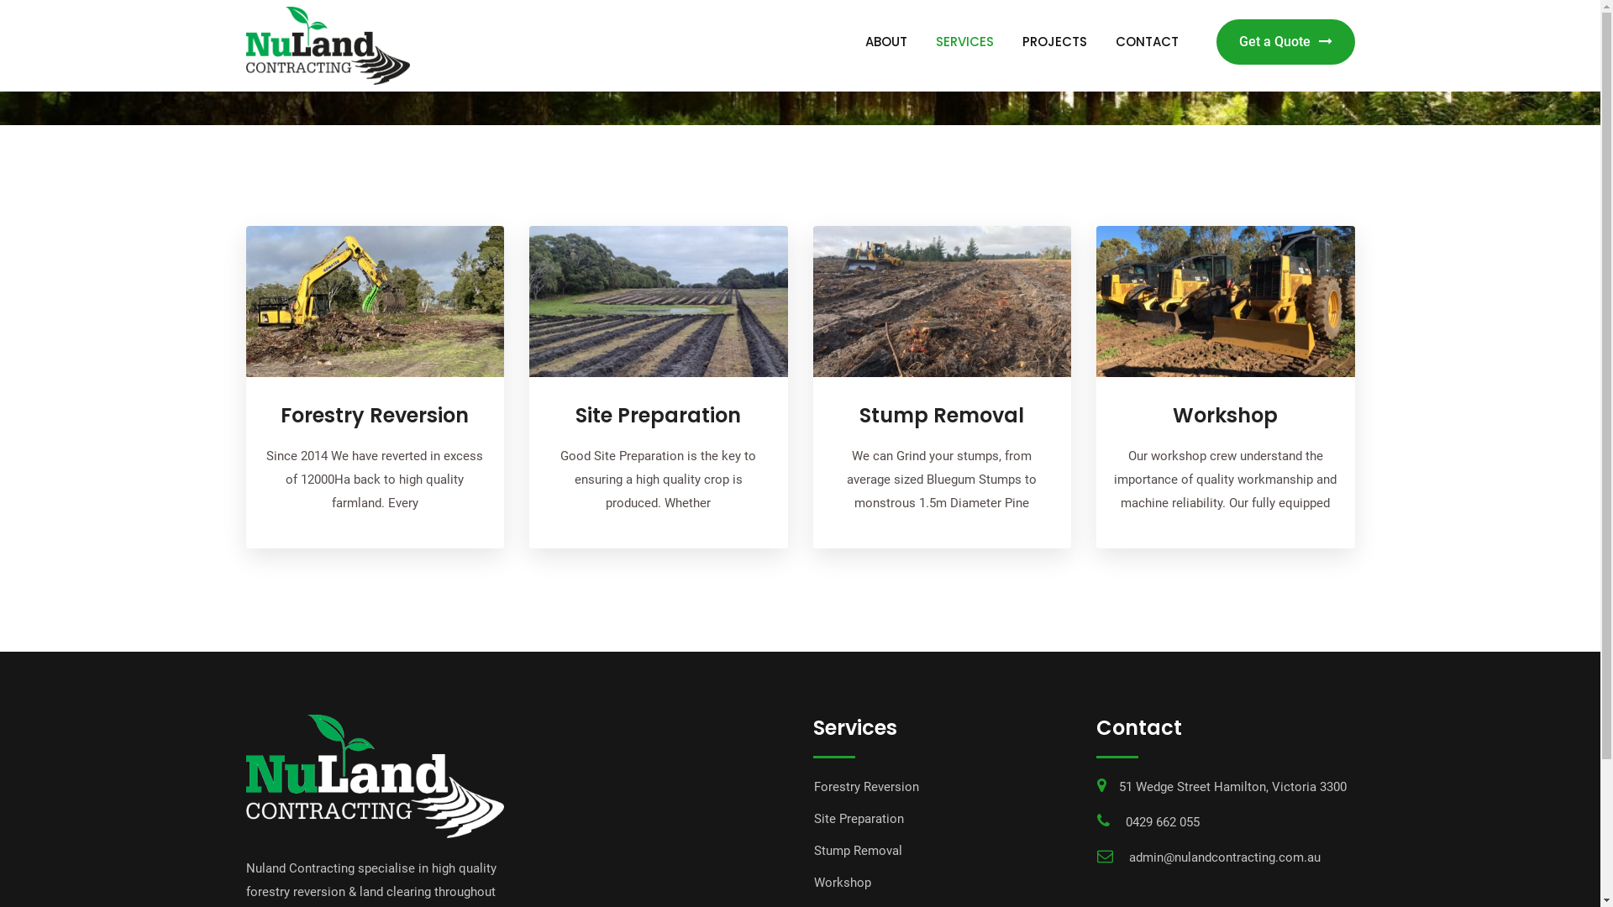 The image size is (1613, 907). I want to click on 'Get a Quote', so click(1285, 41).